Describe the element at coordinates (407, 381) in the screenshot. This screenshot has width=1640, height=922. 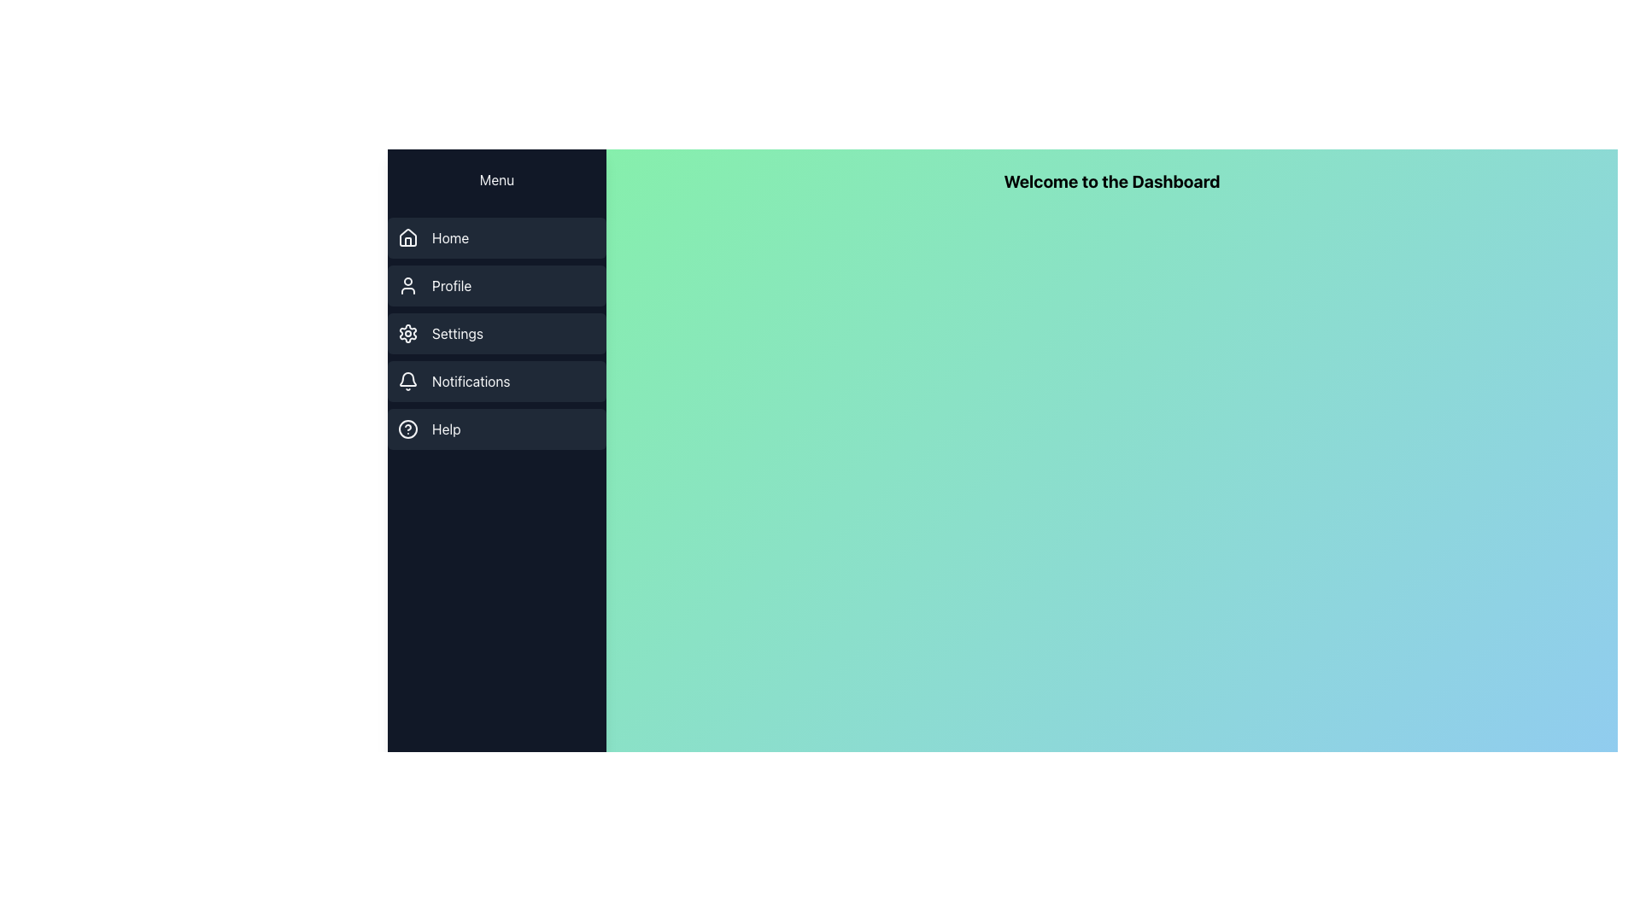
I see `the light gray bell icon in the Notifications menu, which is the fourth item in the vertical navigation bar` at that location.